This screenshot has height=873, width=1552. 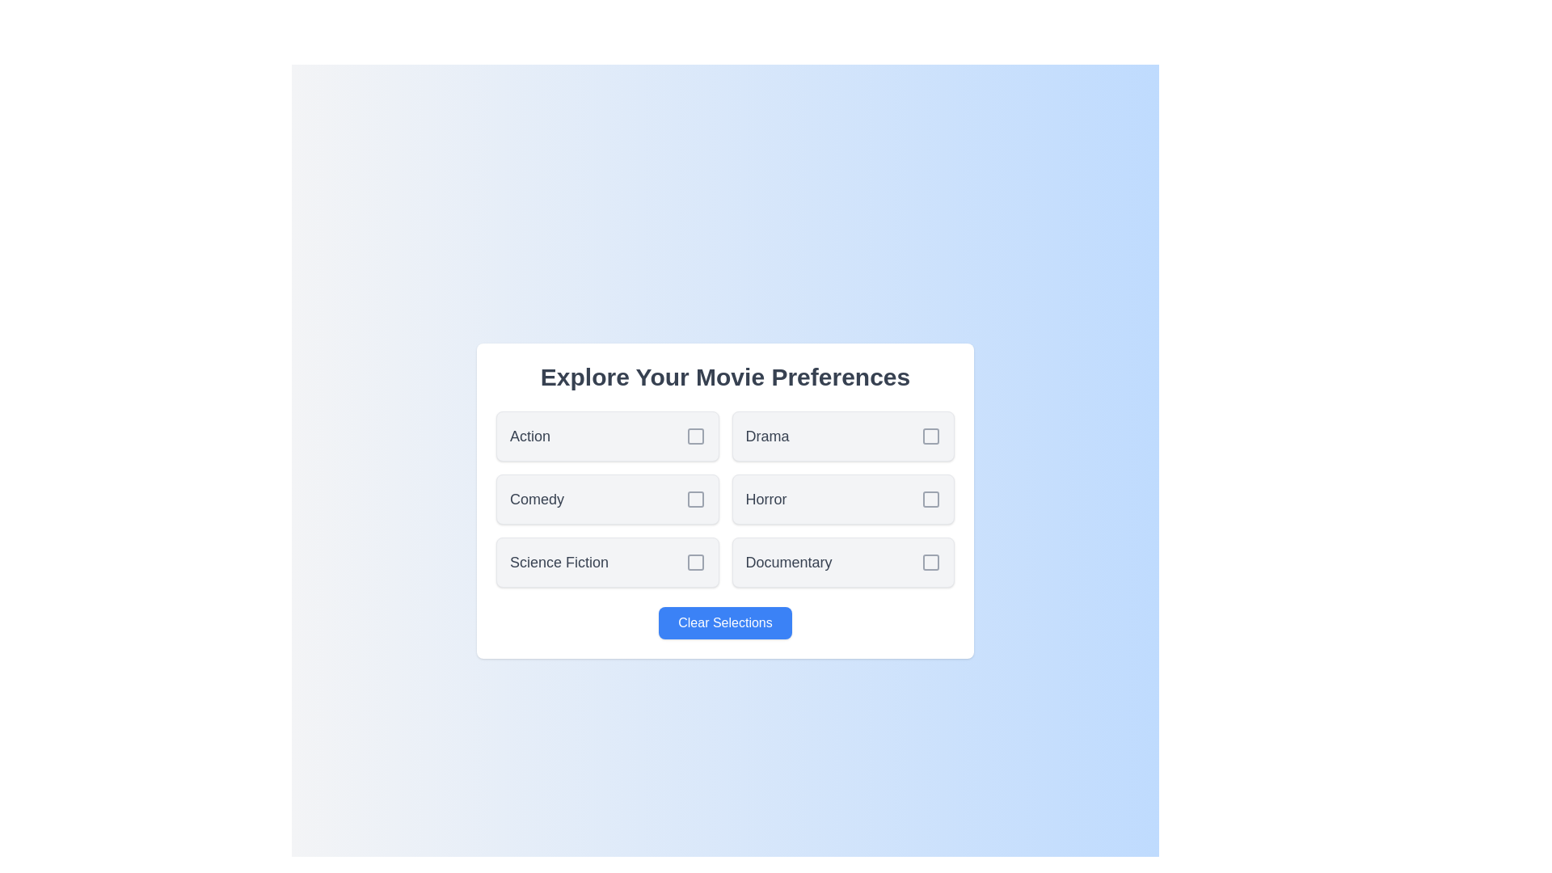 What do you see at coordinates (842, 436) in the screenshot?
I see `the genre Drama` at bounding box center [842, 436].